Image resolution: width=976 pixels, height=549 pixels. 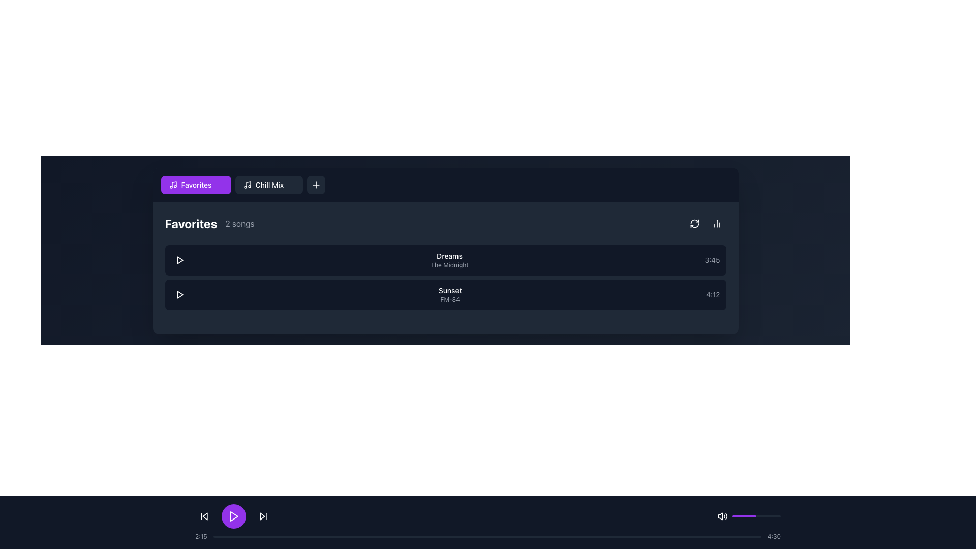 I want to click on the volume slider, so click(x=769, y=516).